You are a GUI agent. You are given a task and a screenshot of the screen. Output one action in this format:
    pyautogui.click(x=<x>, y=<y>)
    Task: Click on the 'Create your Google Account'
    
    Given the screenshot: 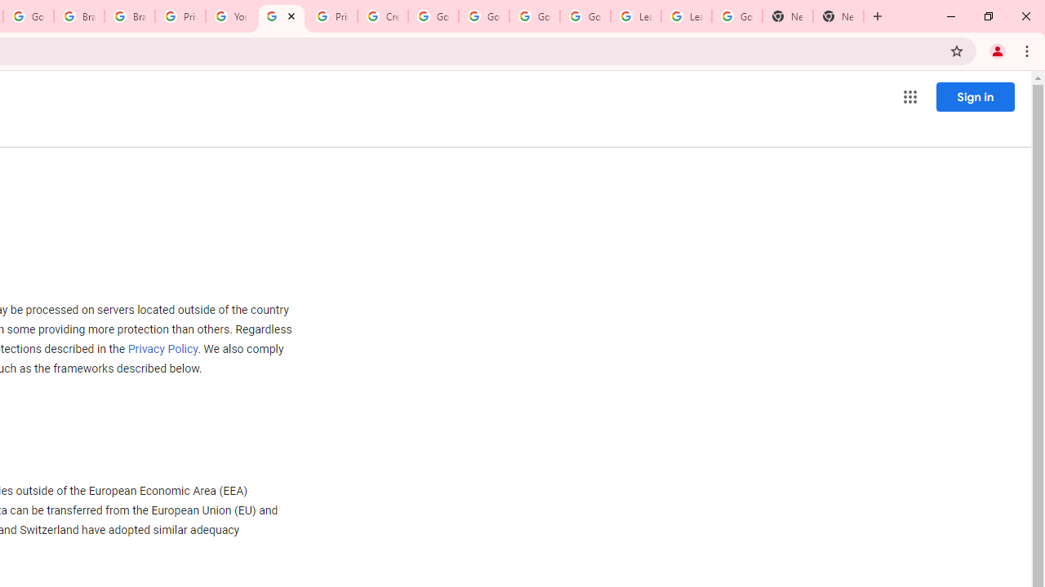 What is the action you would take?
    pyautogui.click(x=382, y=16)
    